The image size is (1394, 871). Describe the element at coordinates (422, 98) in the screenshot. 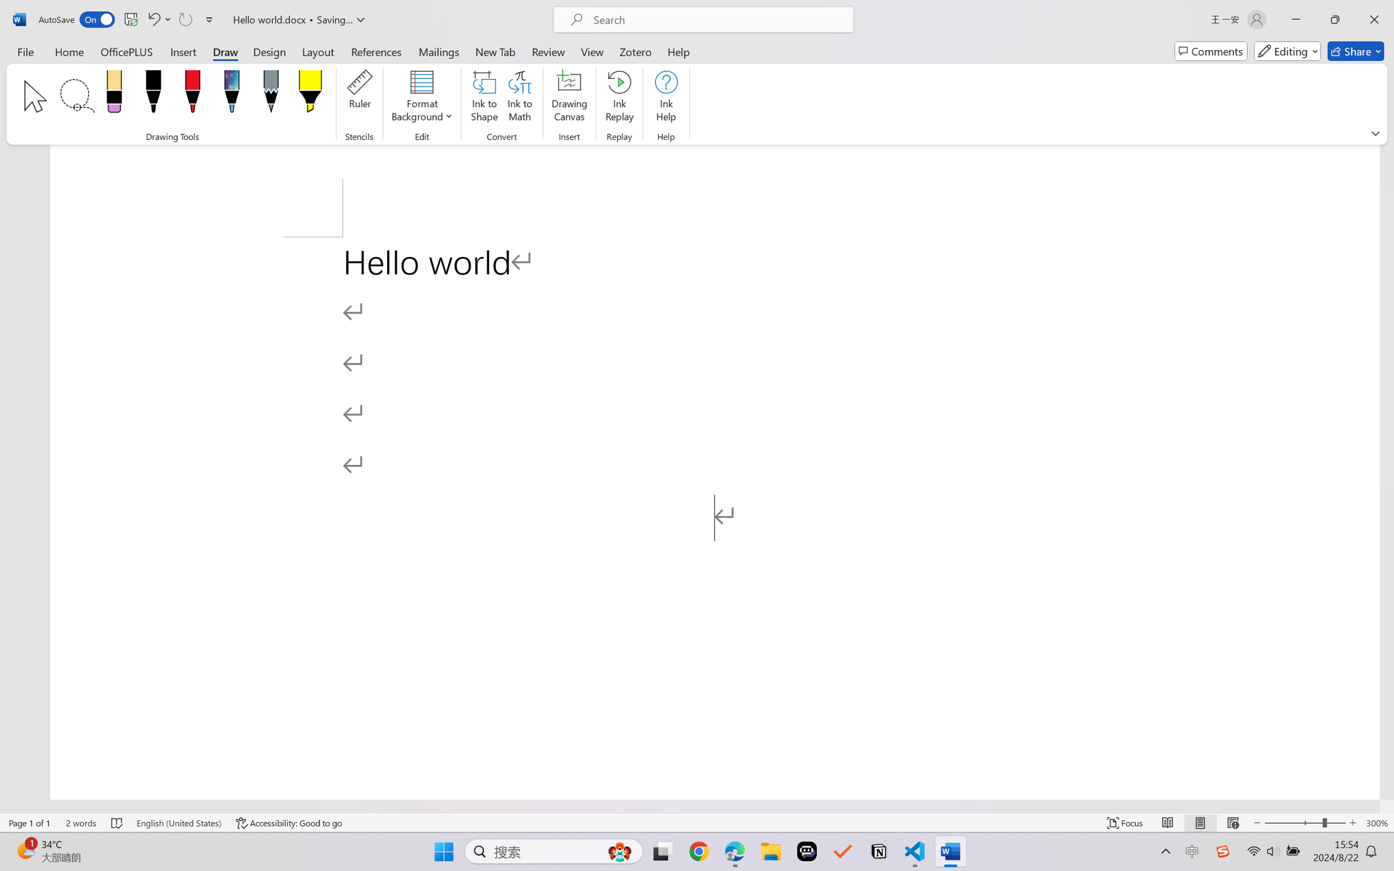

I see `'Format Background'` at that location.